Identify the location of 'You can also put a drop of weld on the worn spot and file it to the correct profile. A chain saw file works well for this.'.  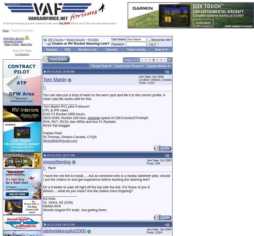
(104, 96).